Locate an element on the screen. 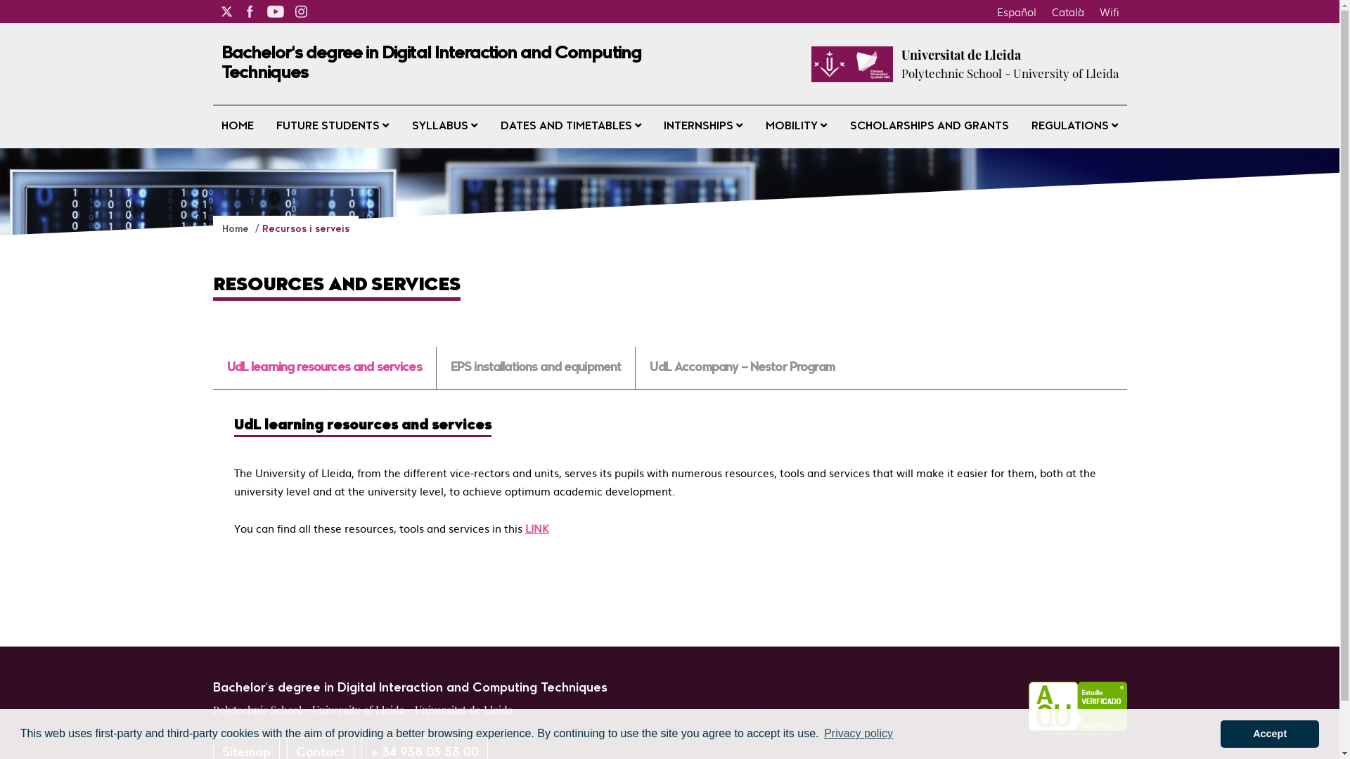 The width and height of the screenshot is (1350, 759). 'MOBILITY' is located at coordinates (796, 126).